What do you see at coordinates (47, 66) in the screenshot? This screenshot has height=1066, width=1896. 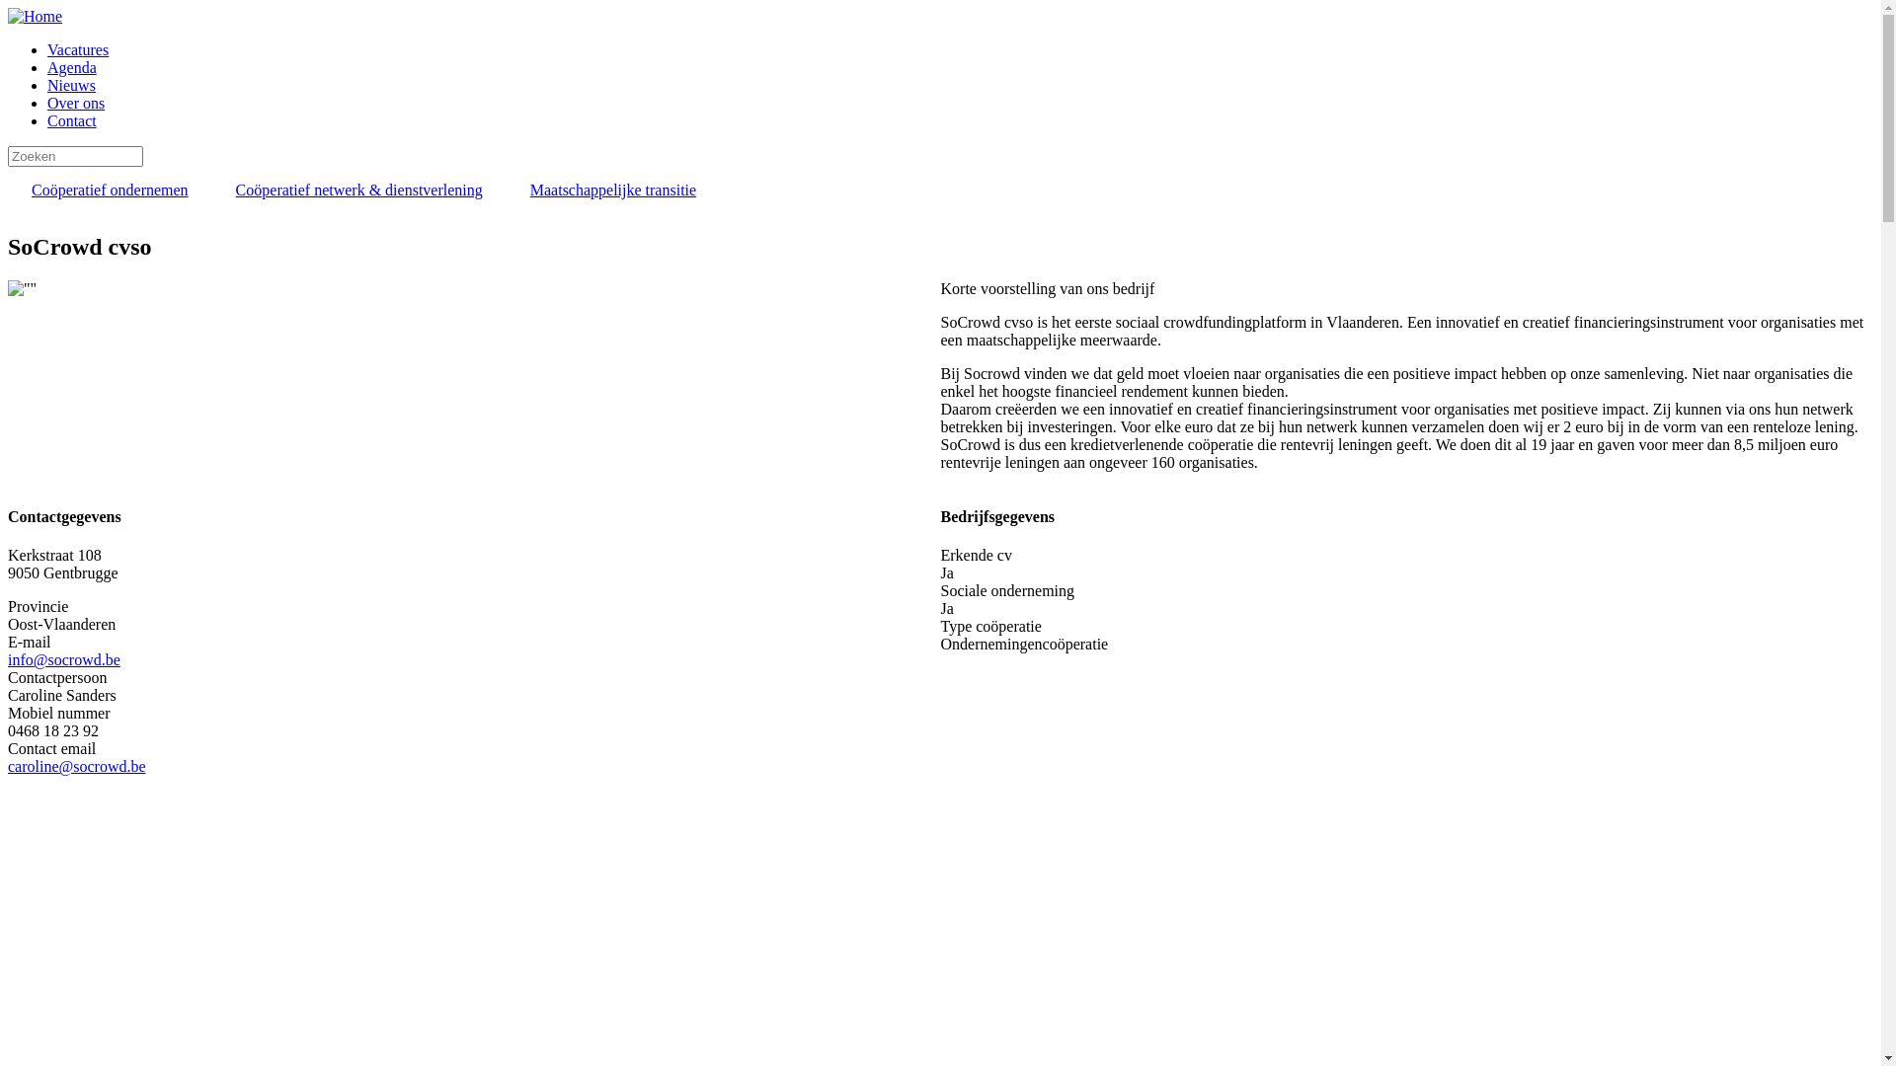 I see `'Agenda'` at bounding box center [47, 66].